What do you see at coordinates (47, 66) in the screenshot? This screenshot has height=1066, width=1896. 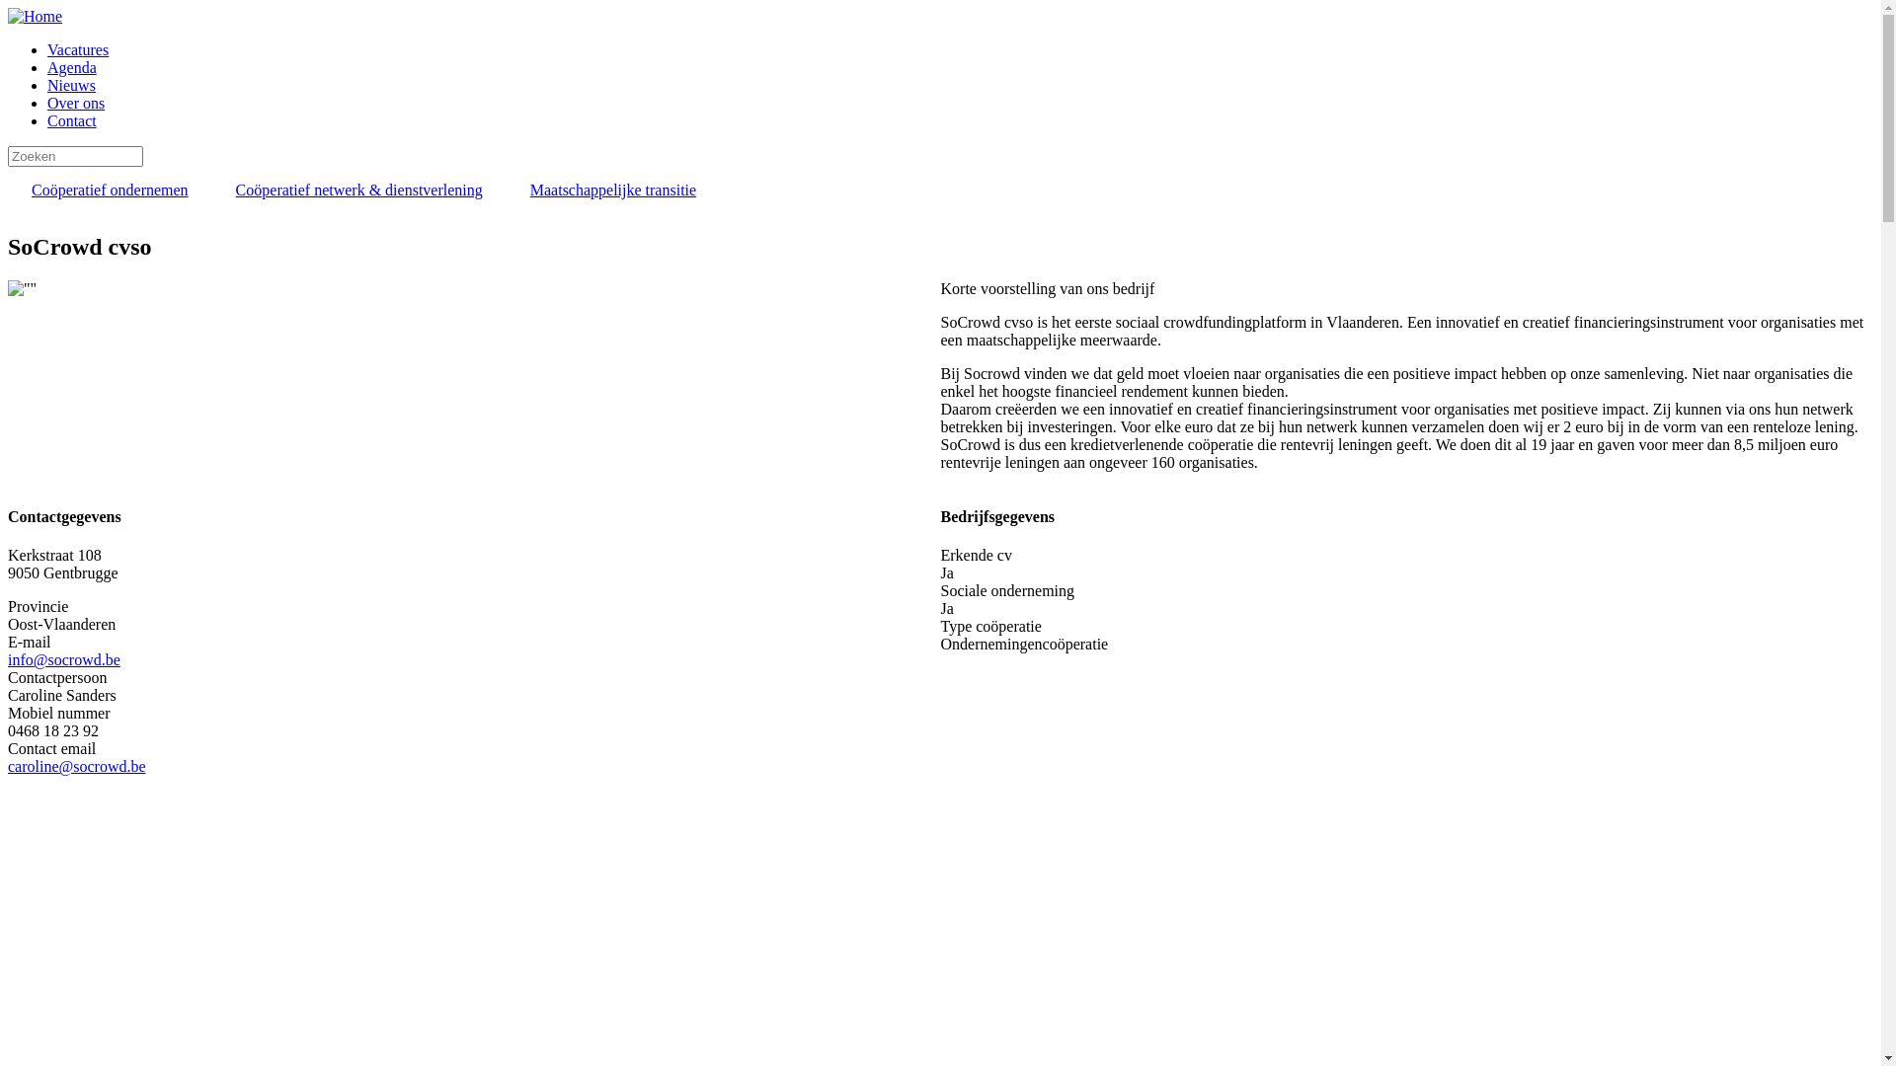 I see `'Agenda'` at bounding box center [47, 66].